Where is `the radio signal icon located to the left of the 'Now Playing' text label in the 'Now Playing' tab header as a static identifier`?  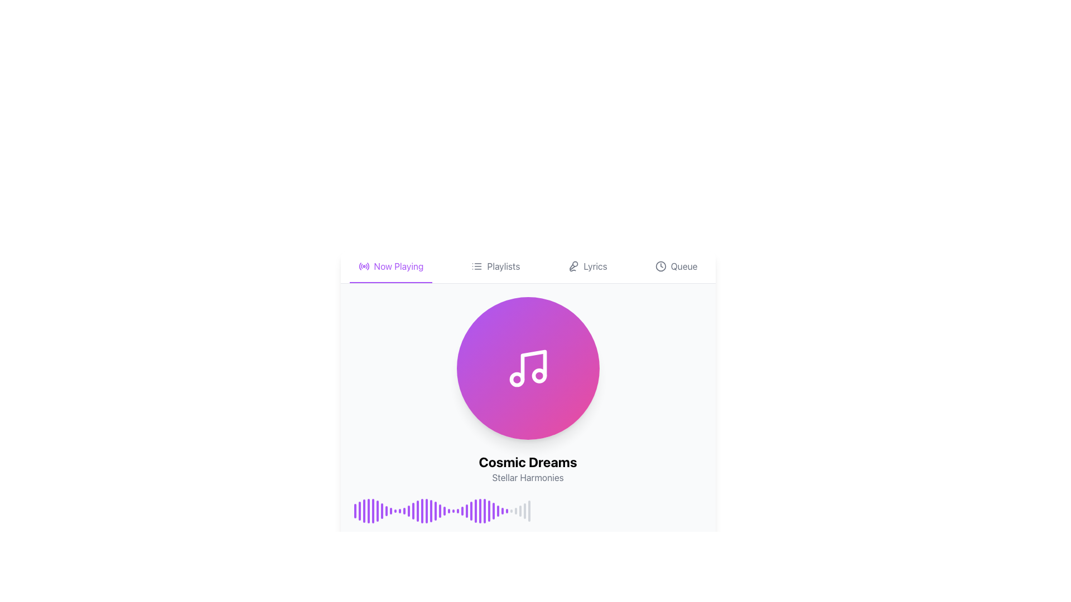
the radio signal icon located to the left of the 'Now Playing' text label in the 'Now Playing' tab header as a static identifier is located at coordinates (364, 266).